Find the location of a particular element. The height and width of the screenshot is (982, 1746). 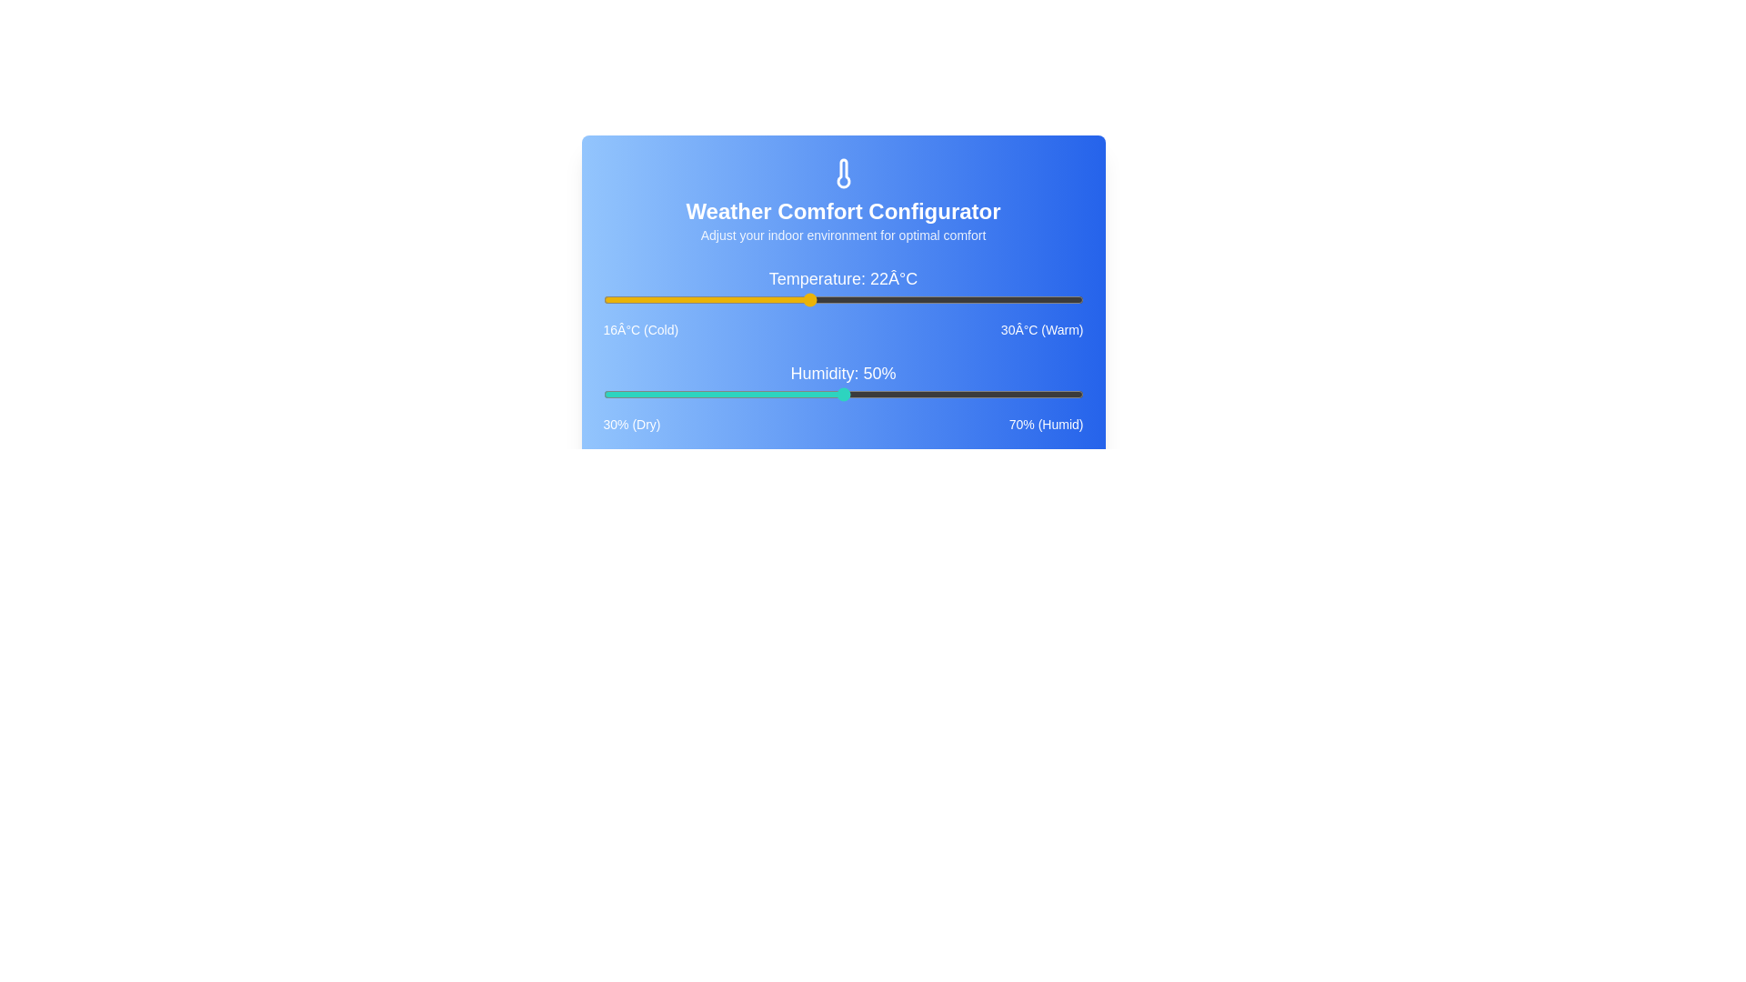

the humidity slider to 52% is located at coordinates (866, 394).